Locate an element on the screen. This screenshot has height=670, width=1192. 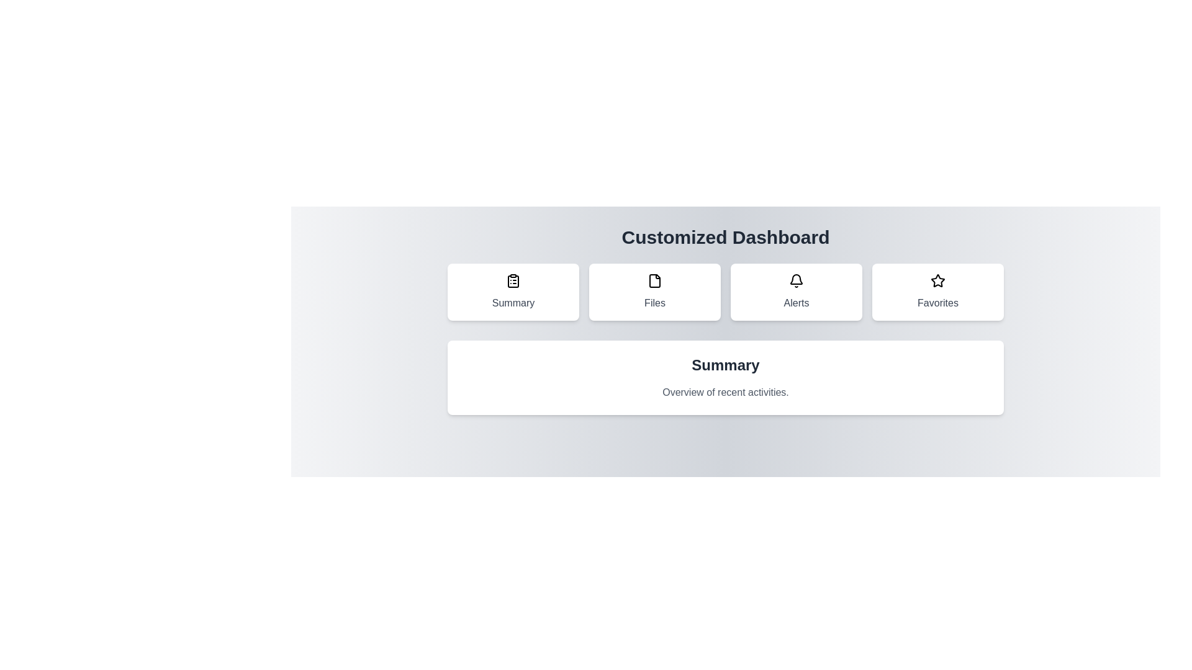
the first button card located in the top-left of the grid layout is located at coordinates (513, 292).